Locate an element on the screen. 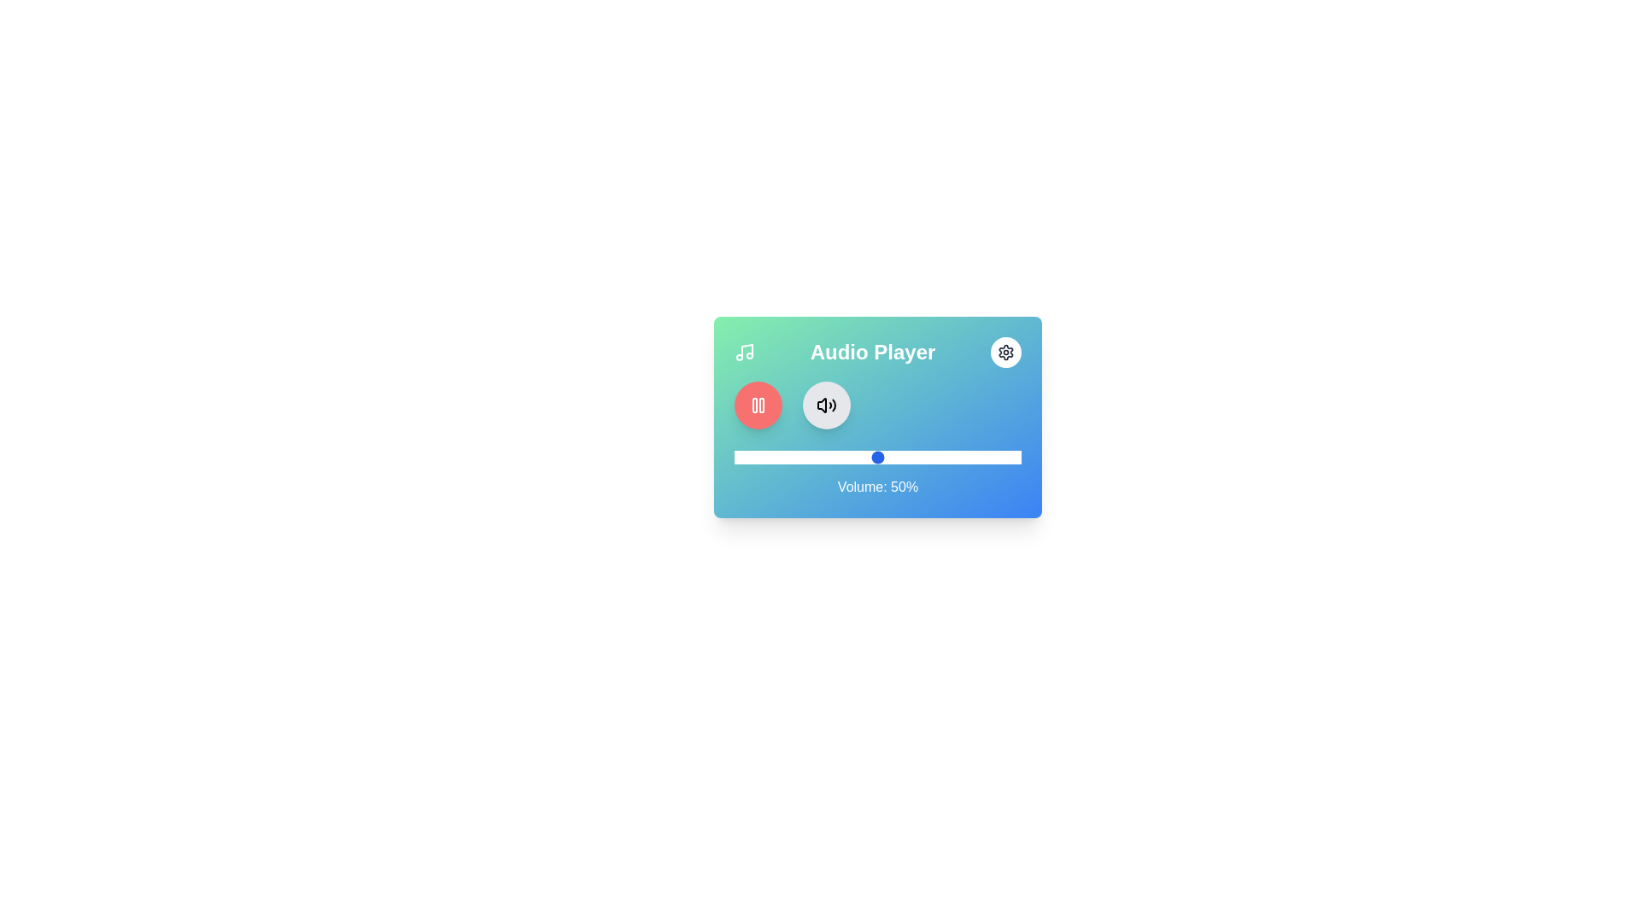 The height and width of the screenshot is (922, 1640). the slider value is located at coordinates (1010, 457).